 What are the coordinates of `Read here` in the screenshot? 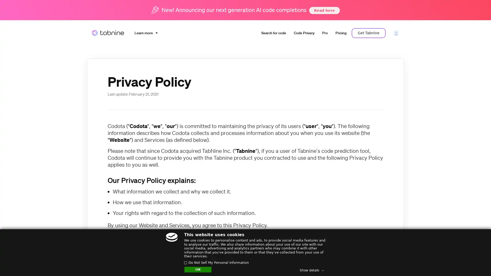 It's located at (324, 10).